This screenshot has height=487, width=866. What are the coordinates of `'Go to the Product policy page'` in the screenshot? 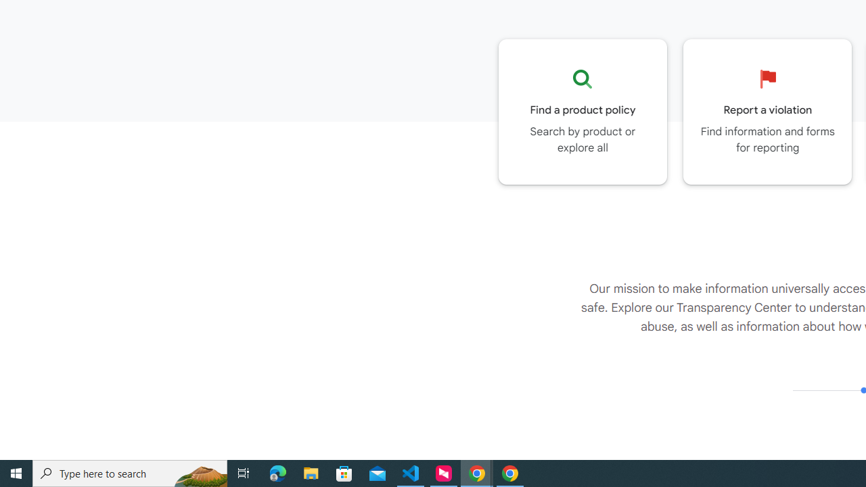 It's located at (583, 111).